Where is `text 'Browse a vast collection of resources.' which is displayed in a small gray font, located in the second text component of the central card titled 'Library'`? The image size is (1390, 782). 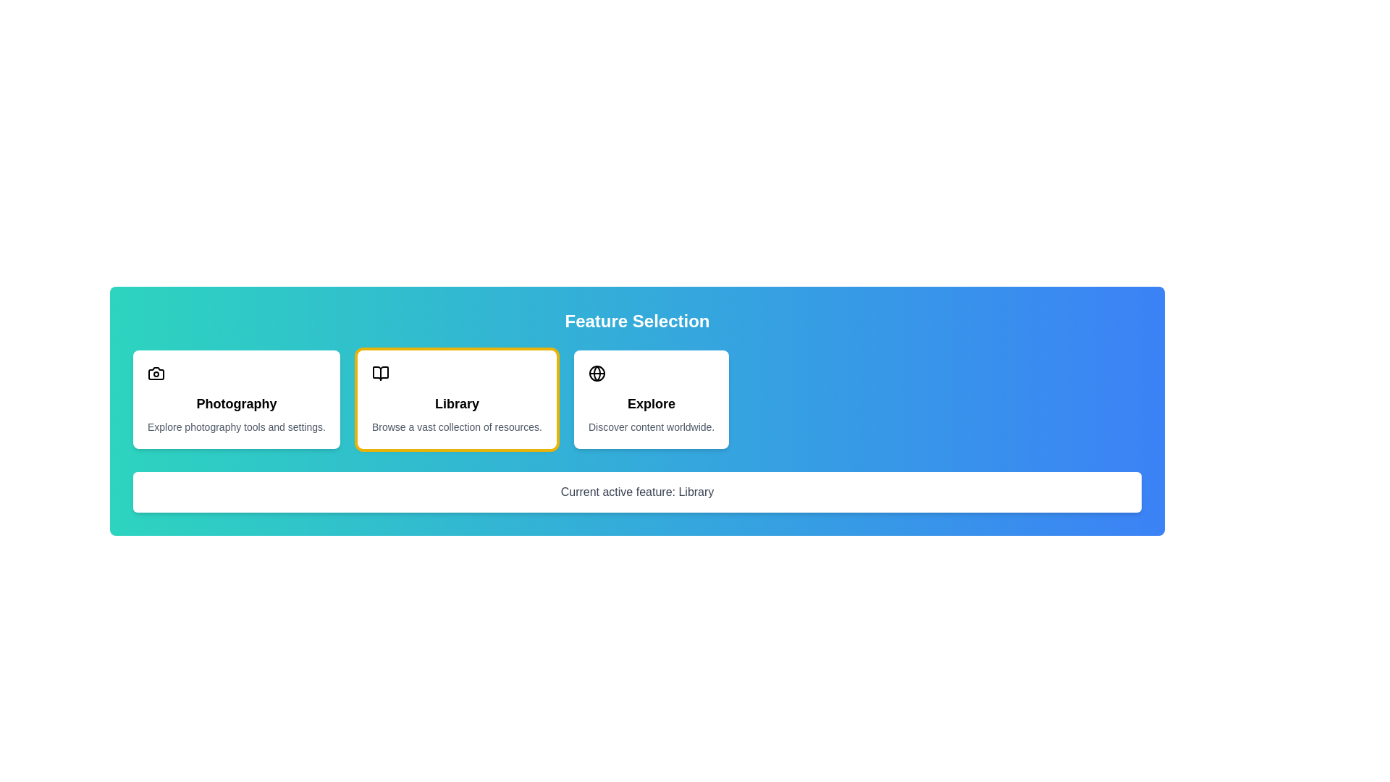
text 'Browse a vast collection of resources.' which is displayed in a small gray font, located in the second text component of the central card titled 'Library' is located at coordinates (456, 426).